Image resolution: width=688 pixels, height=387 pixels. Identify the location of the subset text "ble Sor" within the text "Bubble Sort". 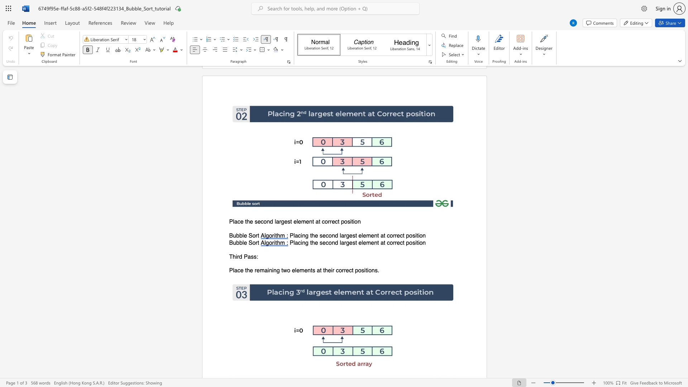
(239, 236).